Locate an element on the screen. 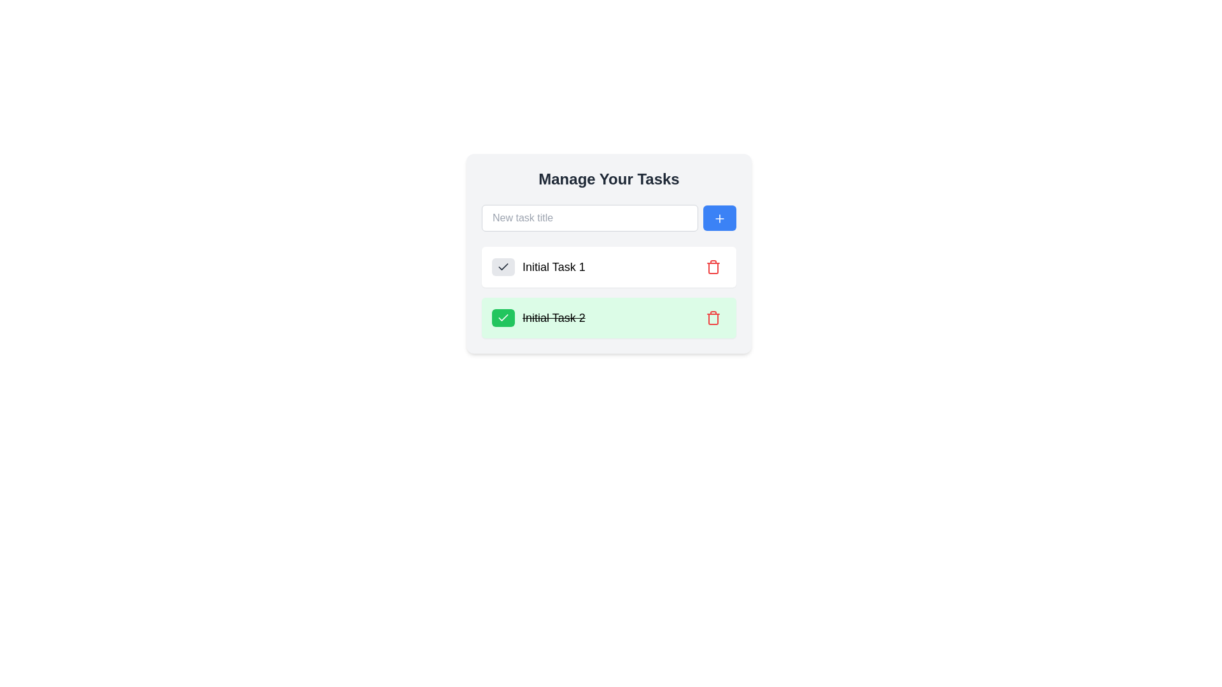 The image size is (1222, 687). the button located to the right of the 'New task title' input field is located at coordinates (720, 218).